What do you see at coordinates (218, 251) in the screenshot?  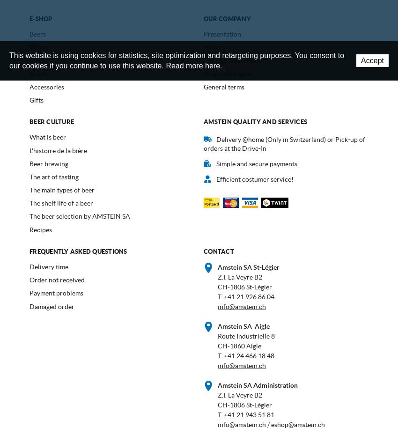 I see `'Contact'` at bounding box center [218, 251].